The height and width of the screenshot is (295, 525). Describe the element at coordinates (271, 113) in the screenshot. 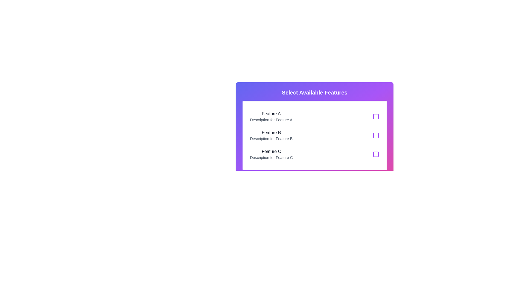

I see `the text label that serves as the title or header for the feature description block located under 'Select Available Features'` at that location.